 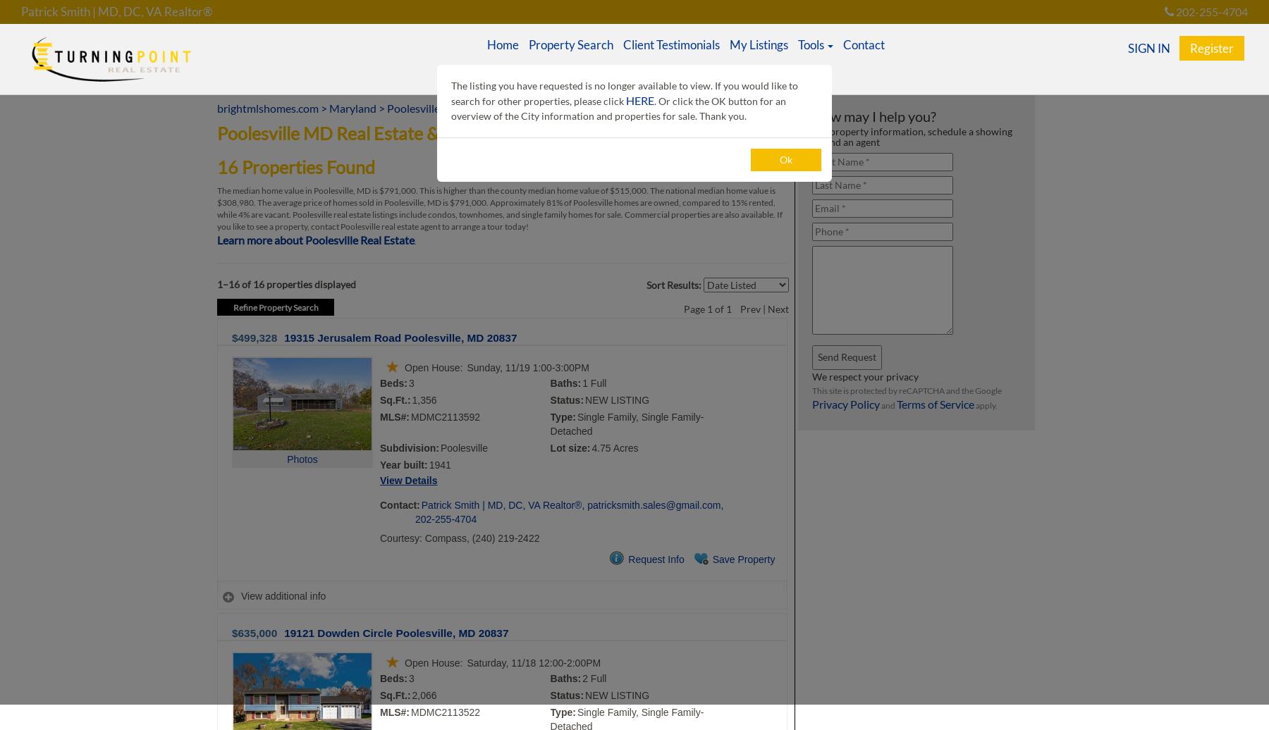 I want to click on 'apply.', so click(x=985, y=405).